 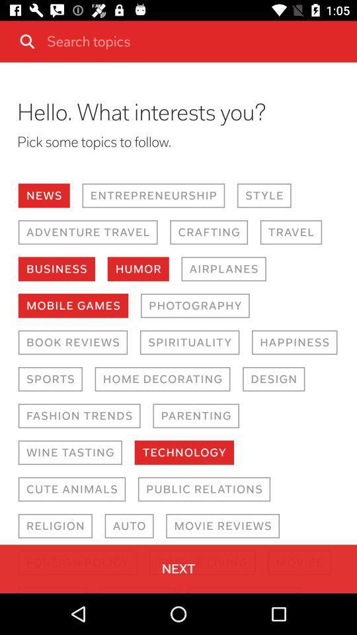 I want to click on icon next to airplanes, so click(x=138, y=268).